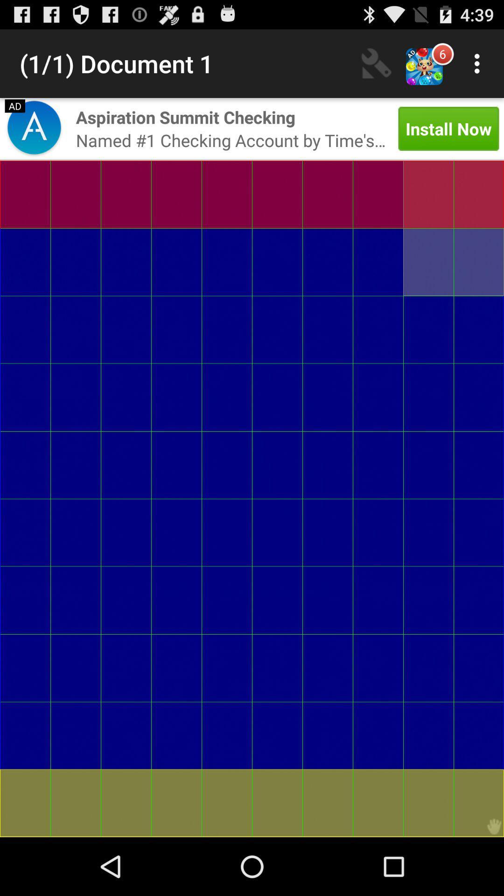  Describe the element at coordinates (376, 63) in the screenshot. I see `the icon above the install now` at that location.